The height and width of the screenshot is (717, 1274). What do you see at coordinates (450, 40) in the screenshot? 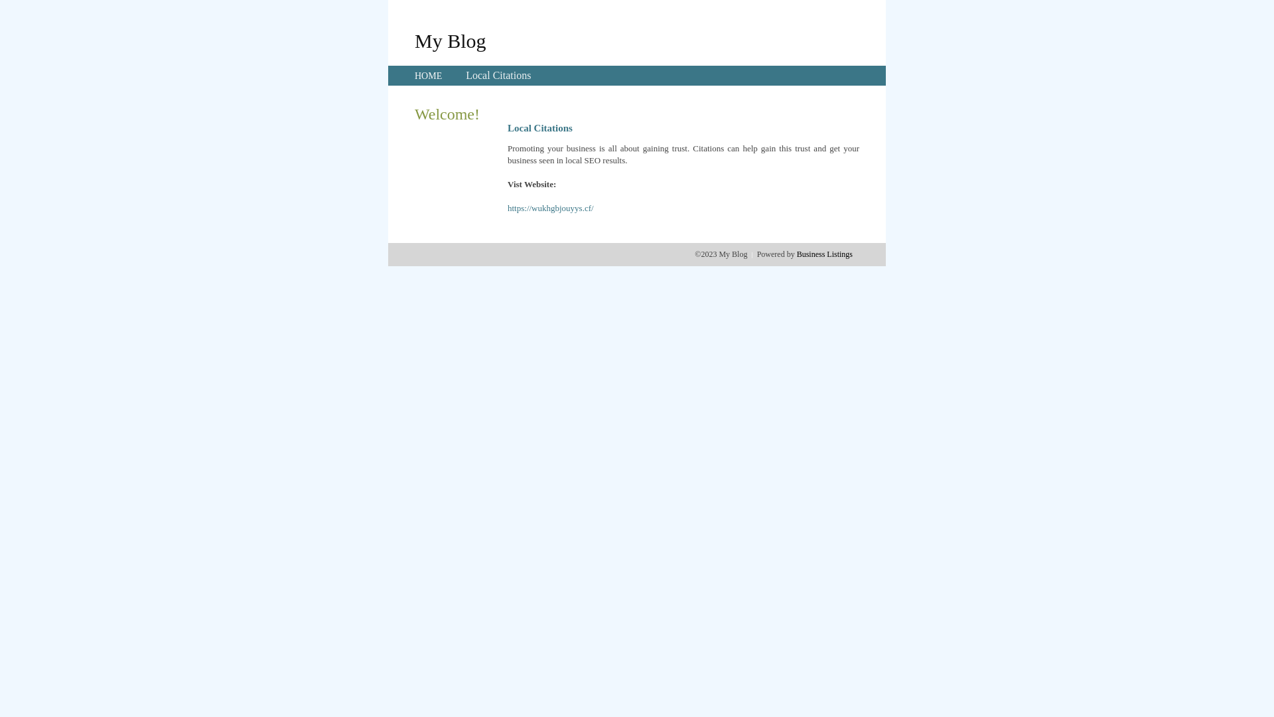
I see `'My Blog'` at bounding box center [450, 40].